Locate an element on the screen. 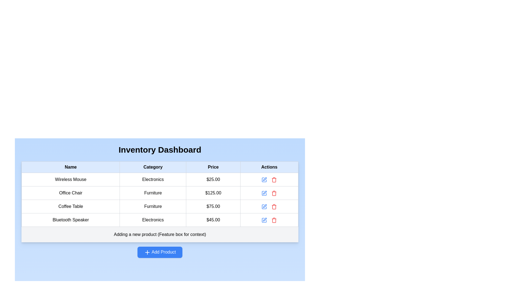 The image size is (529, 297). the red trash can icon button located in the 'Actions' column of the second row of the data table to trigger potential visual feedback is located at coordinates (274, 193).